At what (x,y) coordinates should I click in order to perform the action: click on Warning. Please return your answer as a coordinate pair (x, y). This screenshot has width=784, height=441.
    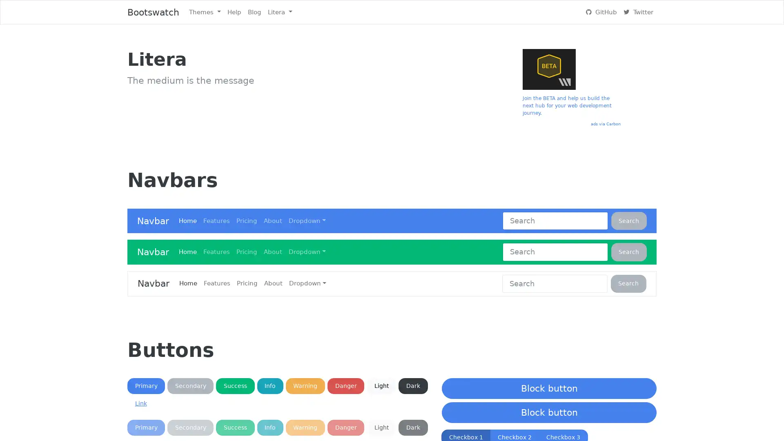
    Looking at the image, I should click on (305, 427).